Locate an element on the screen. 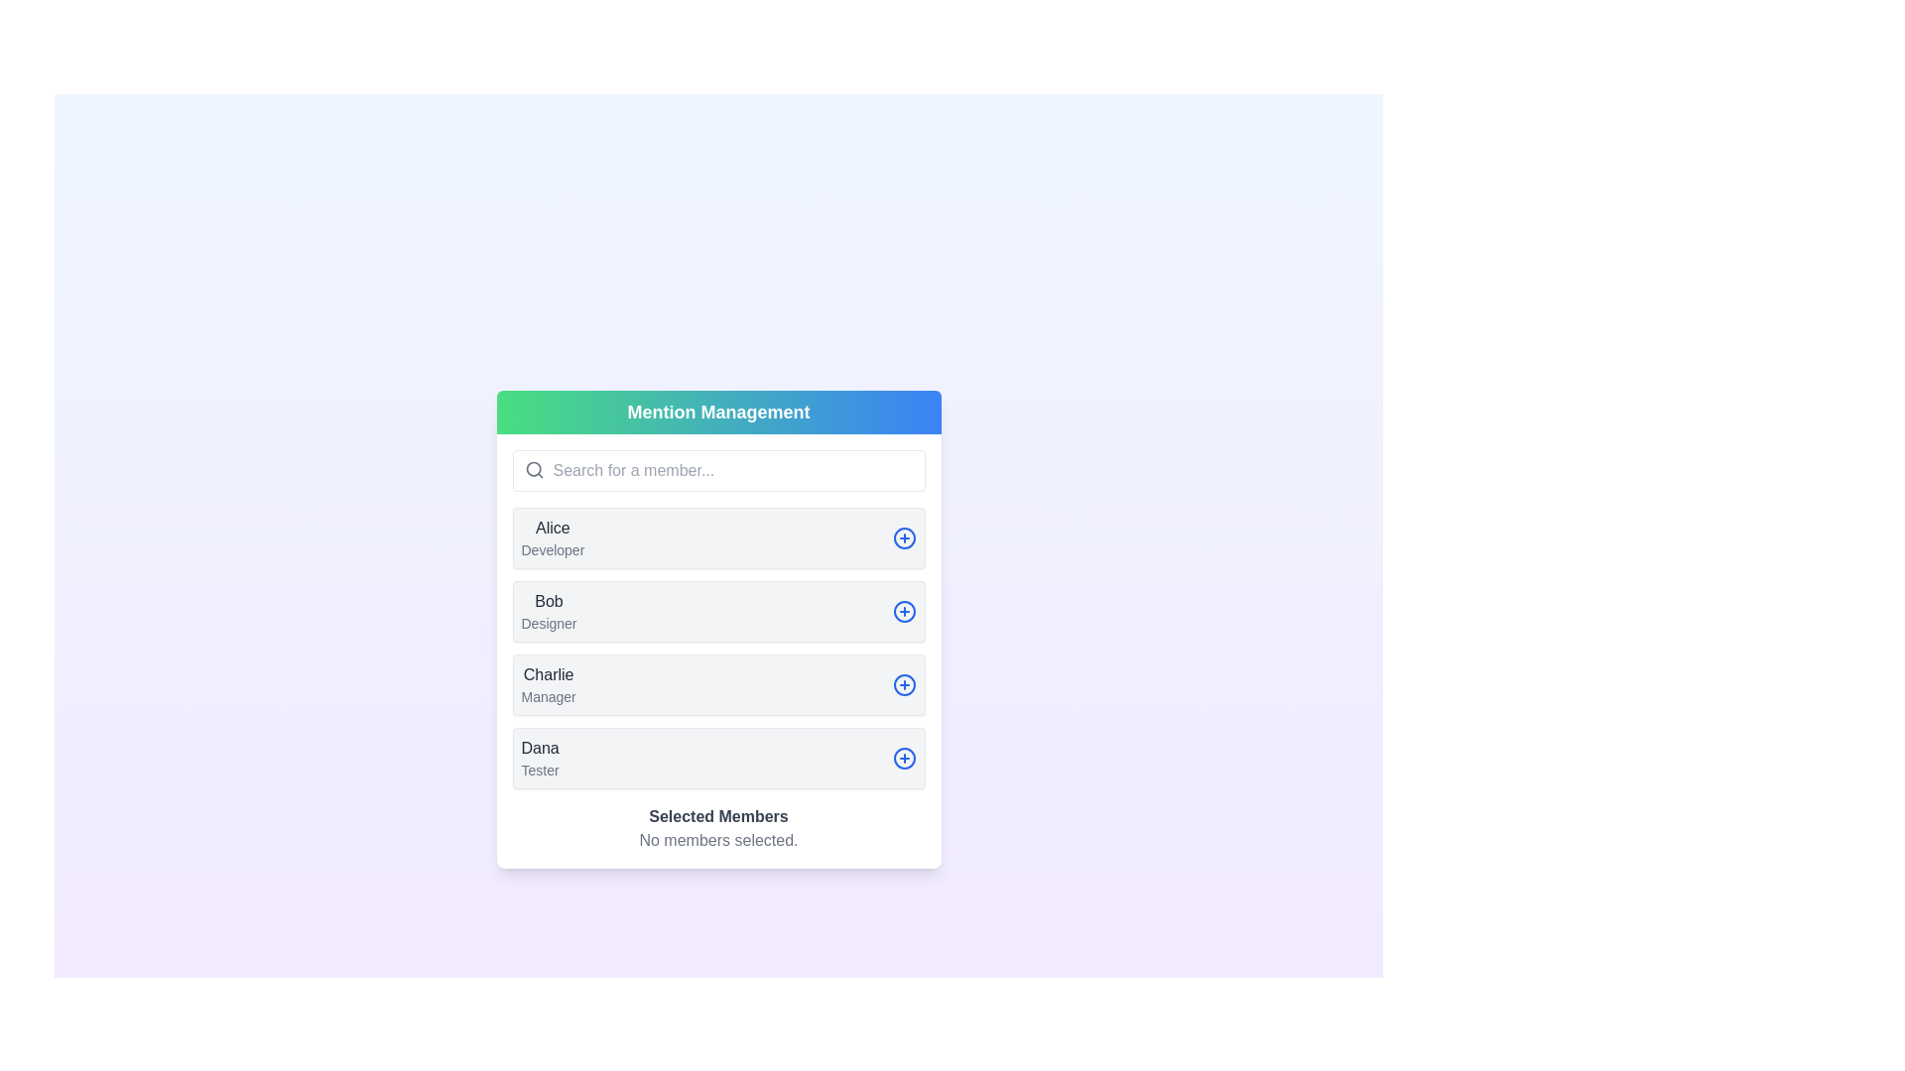 The width and height of the screenshot is (1905, 1071). the plus sign icon for user 'Bob Designer' located is located at coordinates (903, 611).